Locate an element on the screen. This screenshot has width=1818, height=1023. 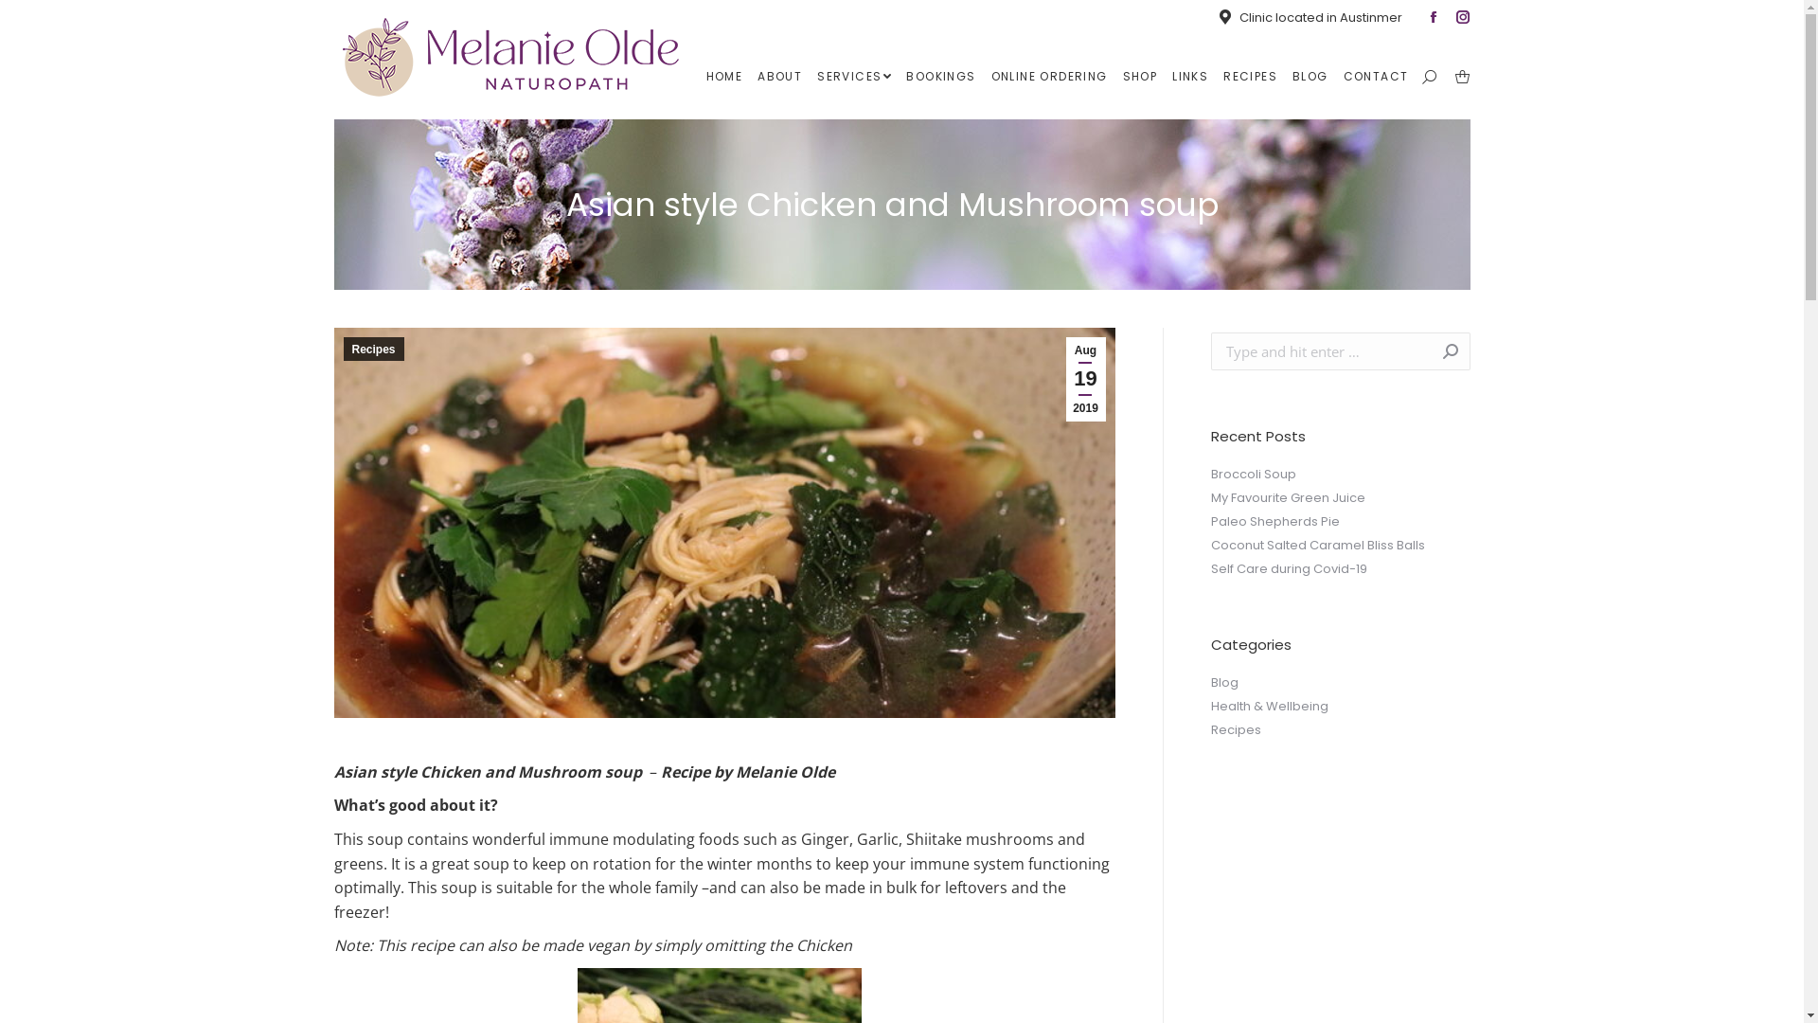
'SHOP' is located at coordinates (1139, 76).